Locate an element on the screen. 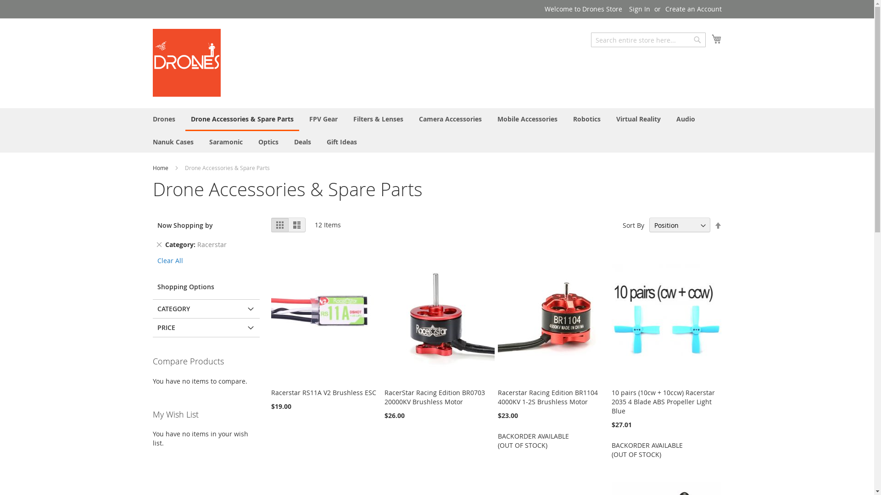 The width and height of the screenshot is (881, 495). 'Add to Cart' is located at coordinates (176, 434).